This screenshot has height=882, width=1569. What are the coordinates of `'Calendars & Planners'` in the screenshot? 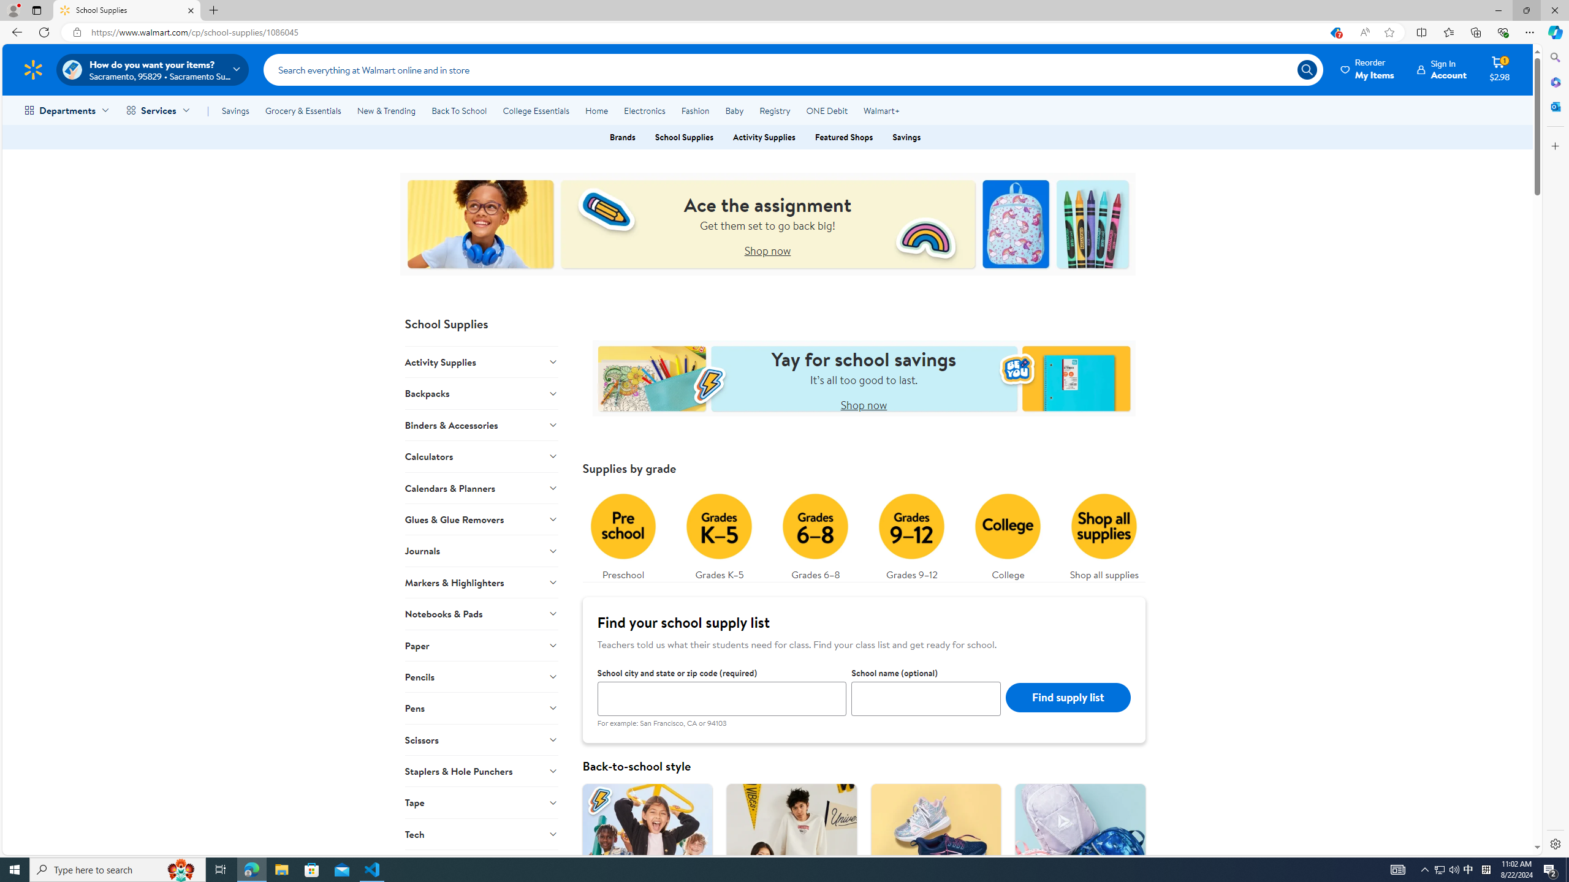 It's located at (481, 488).